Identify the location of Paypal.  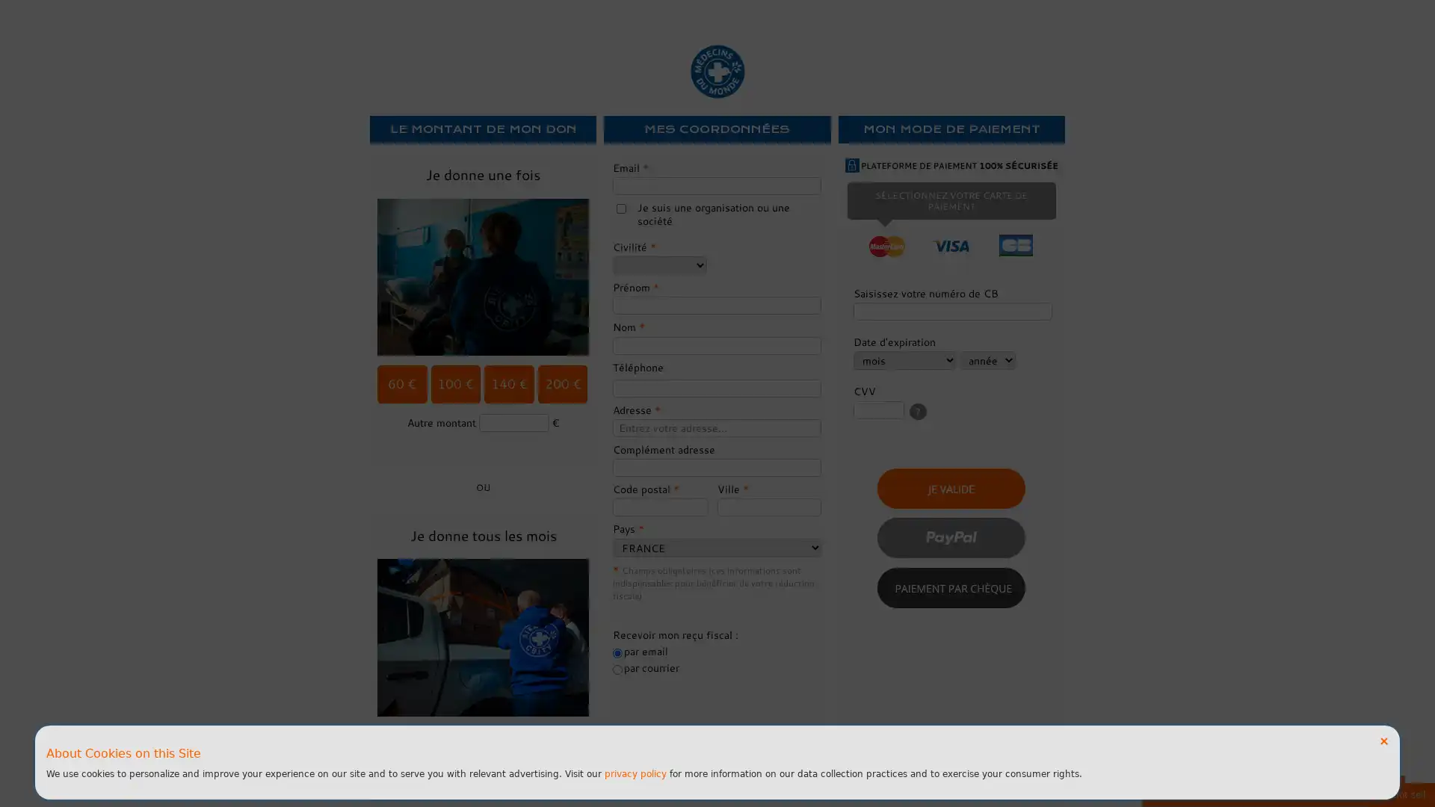
(950, 536).